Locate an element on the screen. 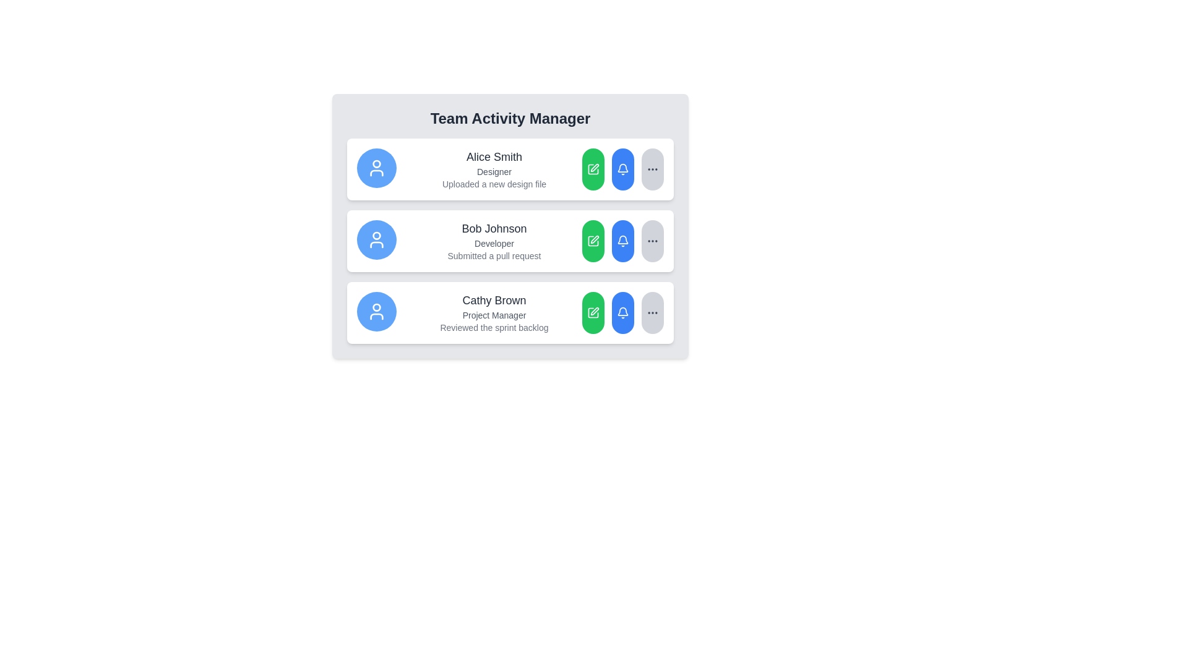 This screenshot has height=668, width=1188. the icon representing user Cathy Brown in the Team Activity Manager interface, located in the top-left section of her card, which is the third card in the list is located at coordinates (376, 311).